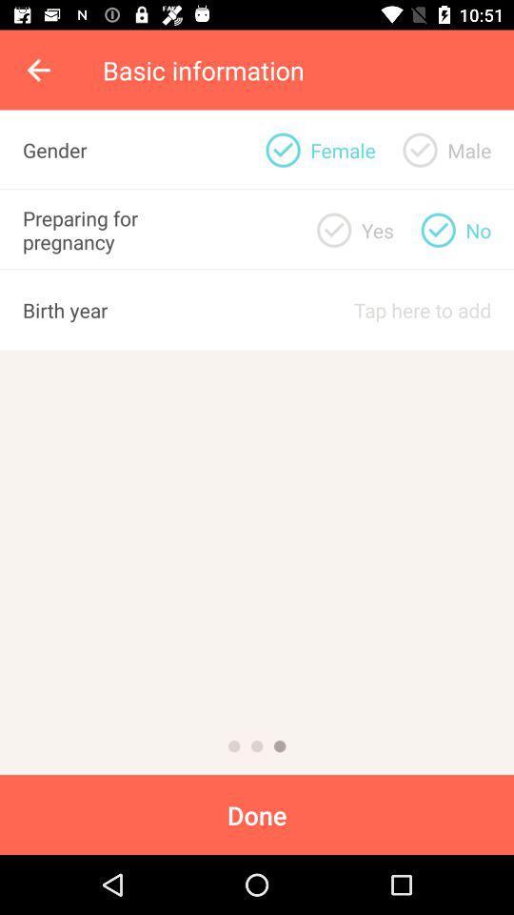 Image resolution: width=514 pixels, height=915 pixels. I want to click on icon next to the female, so click(420, 149).